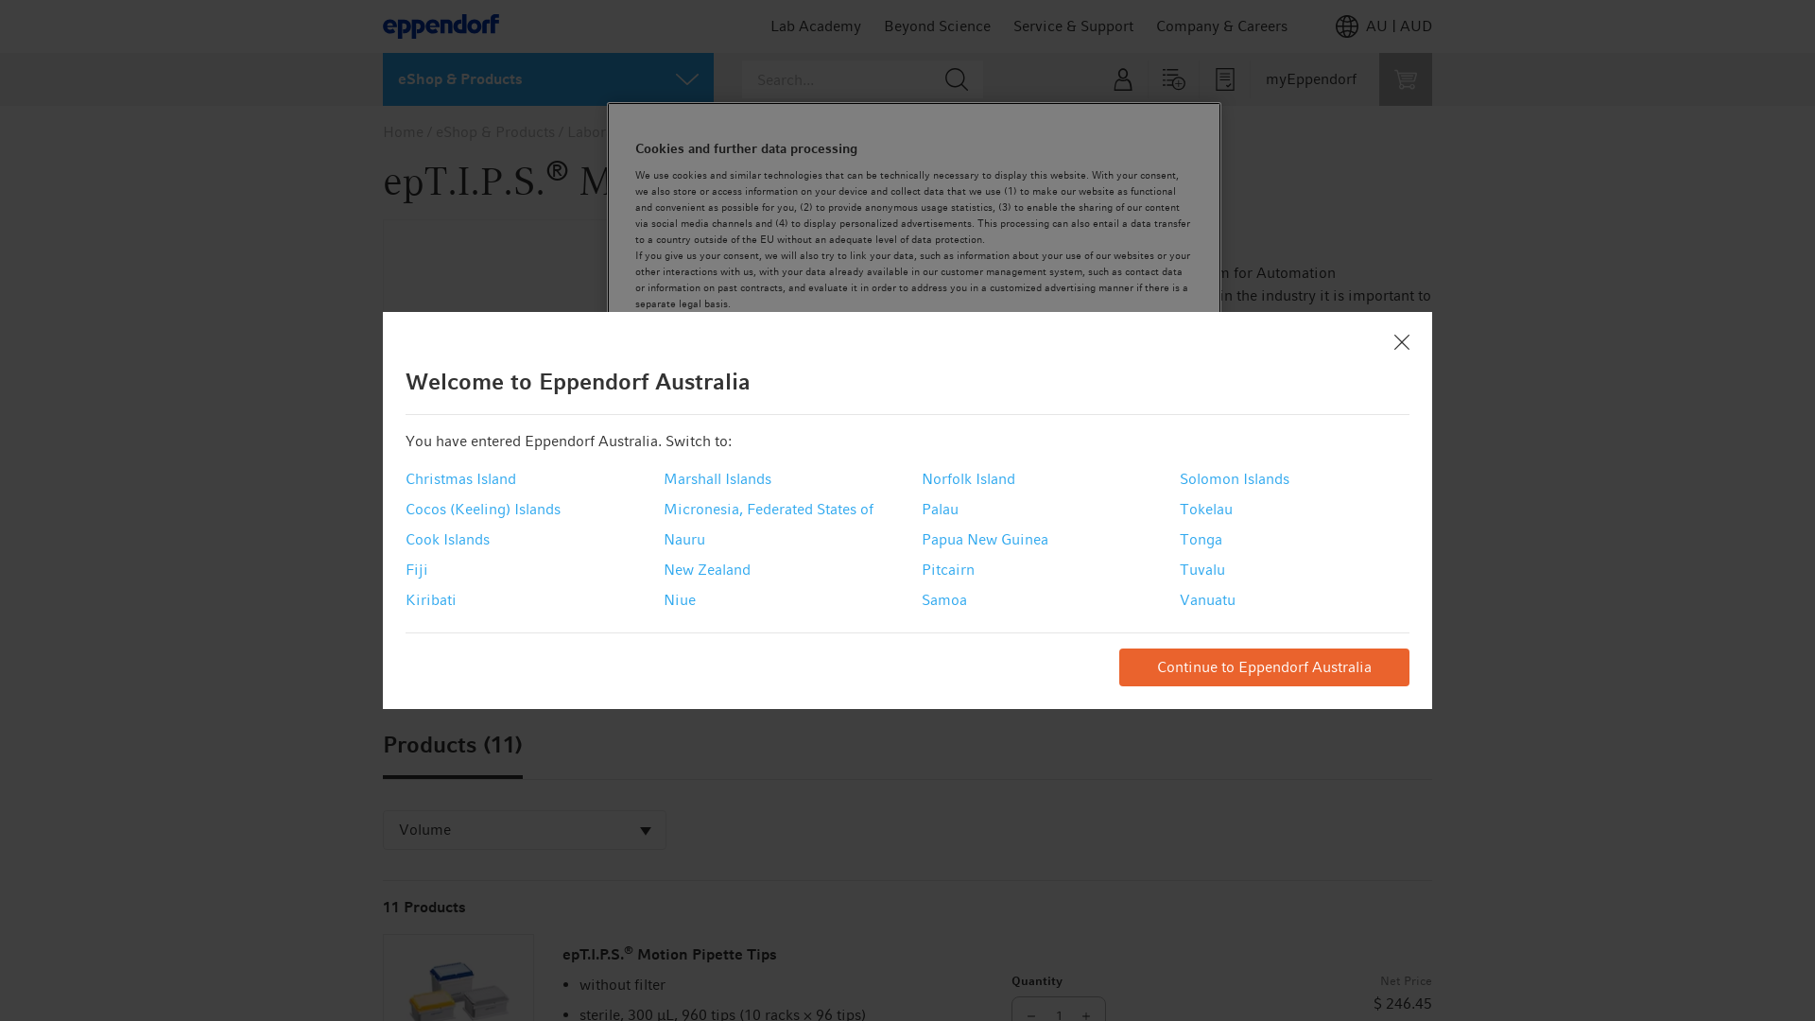 The image size is (1815, 1021). I want to click on 'Laboratory Consumables', so click(649, 130).